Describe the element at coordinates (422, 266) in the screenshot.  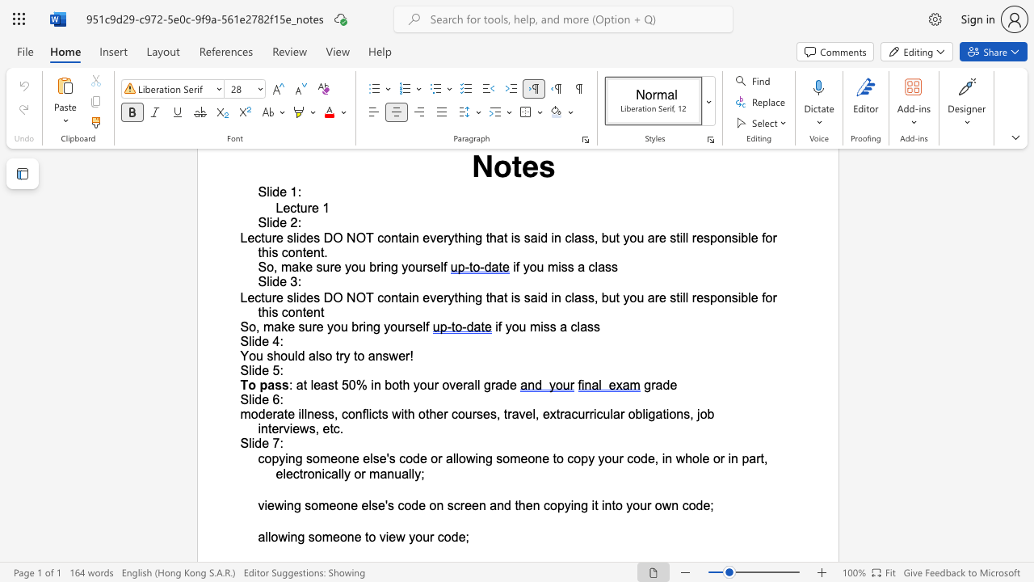
I see `the subset text "rse" within the text "So, make sure you bring yourself"` at that location.